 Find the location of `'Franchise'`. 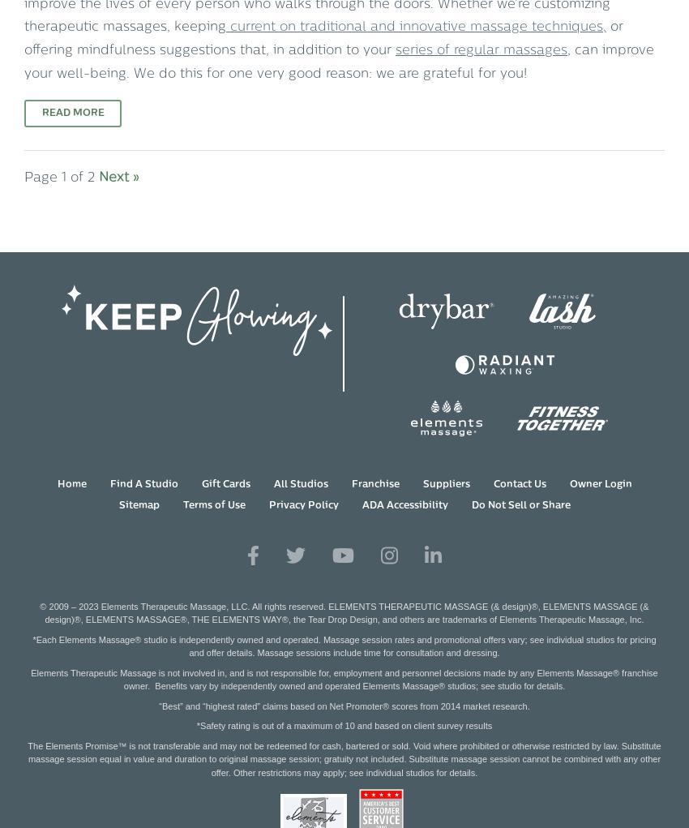

'Franchise' is located at coordinates (374, 483).